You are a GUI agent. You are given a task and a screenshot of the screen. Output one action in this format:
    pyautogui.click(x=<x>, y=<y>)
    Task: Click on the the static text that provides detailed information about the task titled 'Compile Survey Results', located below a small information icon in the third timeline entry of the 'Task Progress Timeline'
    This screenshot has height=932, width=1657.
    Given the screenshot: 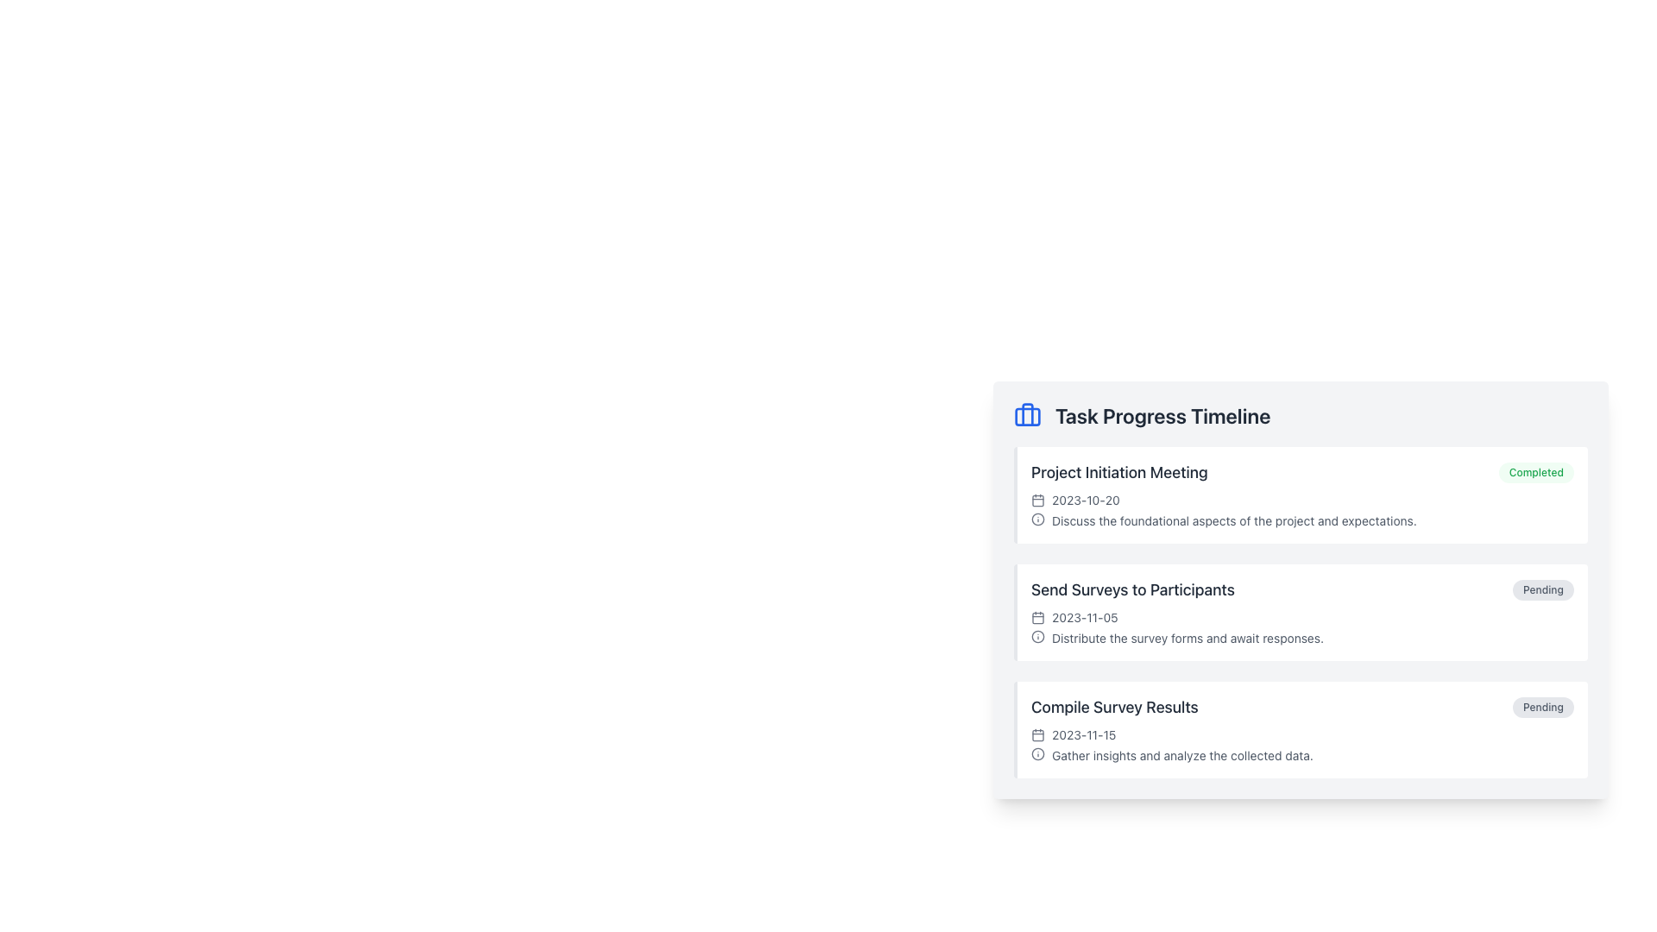 What is the action you would take?
    pyautogui.click(x=1181, y=754)
    